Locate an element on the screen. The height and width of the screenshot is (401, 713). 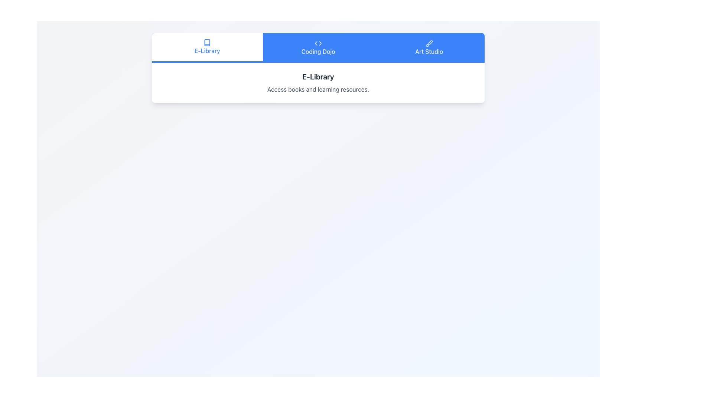
text label that serves as the title or header for the section, positioned above the descriptive text 'Access books and learning resources.' is located at coordinates (318, 77).